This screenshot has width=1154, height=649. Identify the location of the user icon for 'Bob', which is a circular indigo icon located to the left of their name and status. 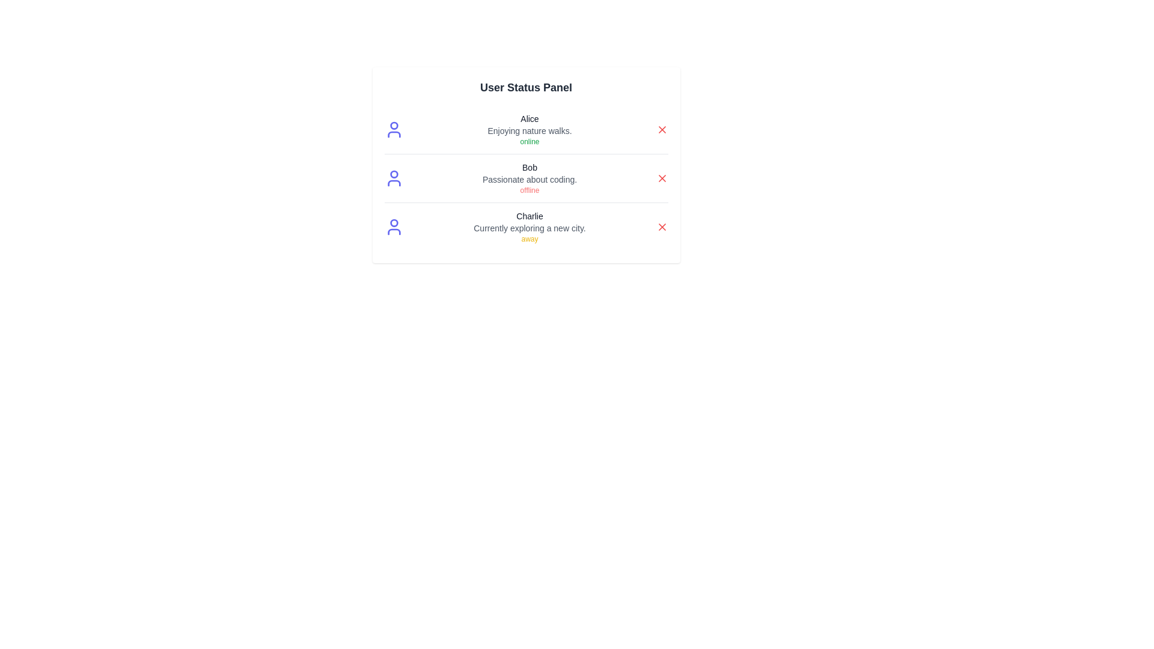
(394, 178).